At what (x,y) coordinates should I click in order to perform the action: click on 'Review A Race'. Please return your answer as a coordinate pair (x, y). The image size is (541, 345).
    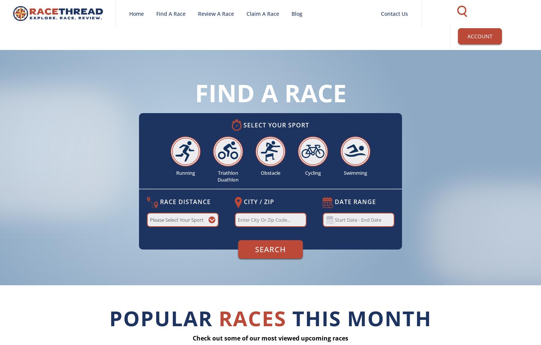
    Looking at the image, I should click on (216, 14).